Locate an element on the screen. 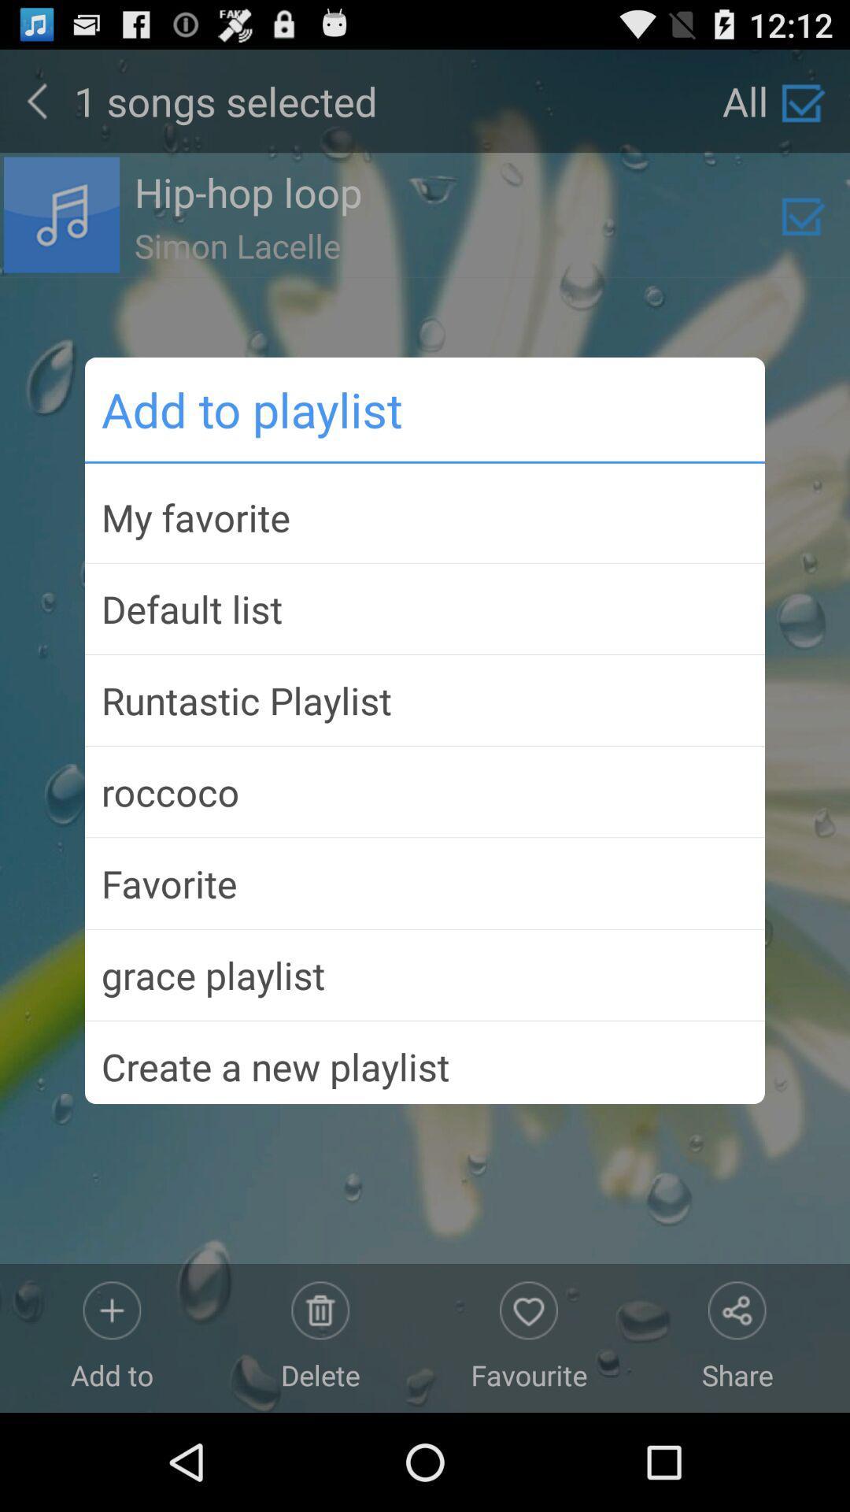 Image resolution: width=850 pixels, height=1512 pixels. the grace playlist item is located at coordinates (425, 974).